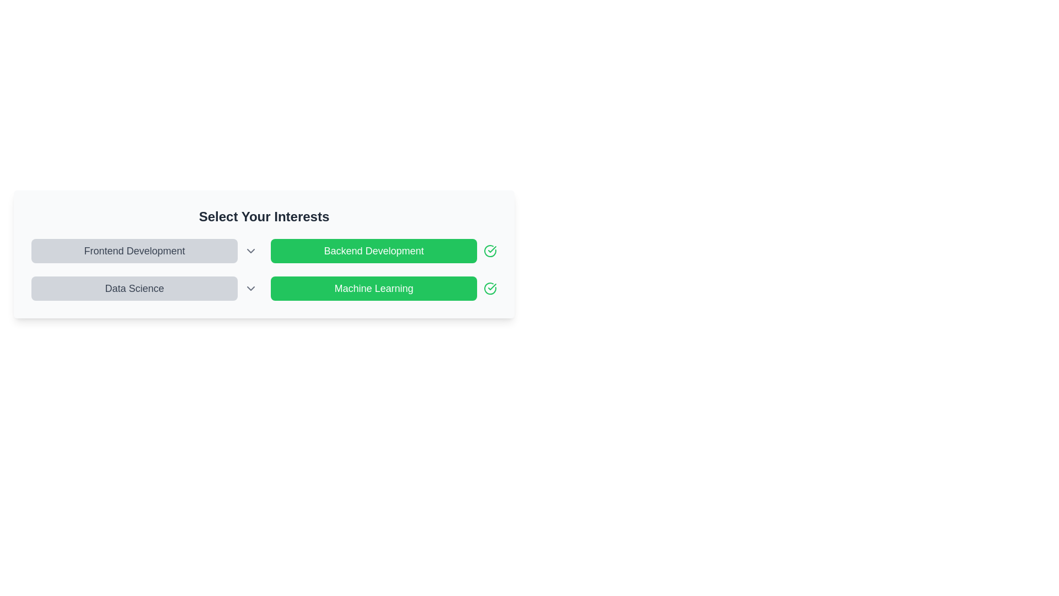  Describe the element at coordinates (373, 288) in the screenshot. I see `the 'Machine Learning' button to toggle its activation state` at that location.